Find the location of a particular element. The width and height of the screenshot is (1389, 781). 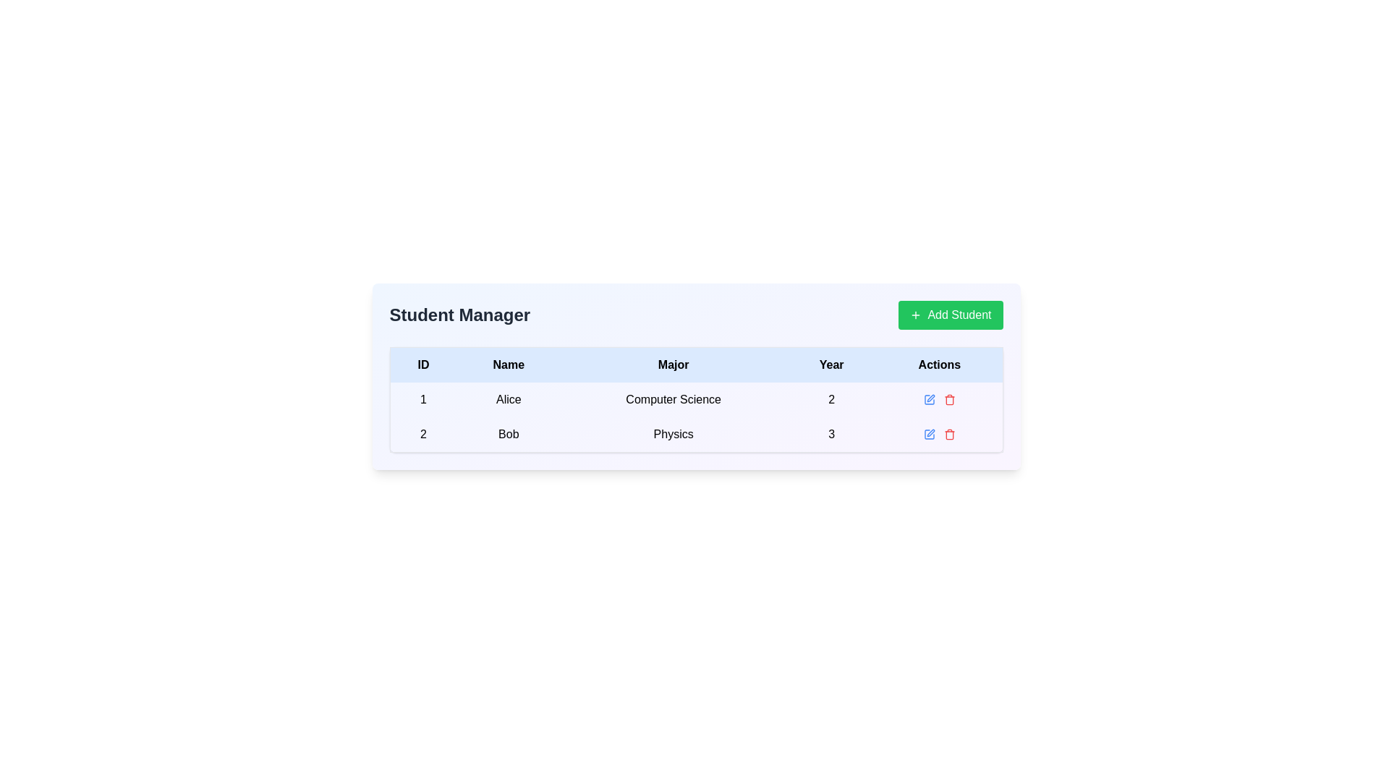

the Table Header labeled 'Year', which is styled in bold font and has a light blue background, positioned fourth among the headers in the row is located at coordinates (831, 364).